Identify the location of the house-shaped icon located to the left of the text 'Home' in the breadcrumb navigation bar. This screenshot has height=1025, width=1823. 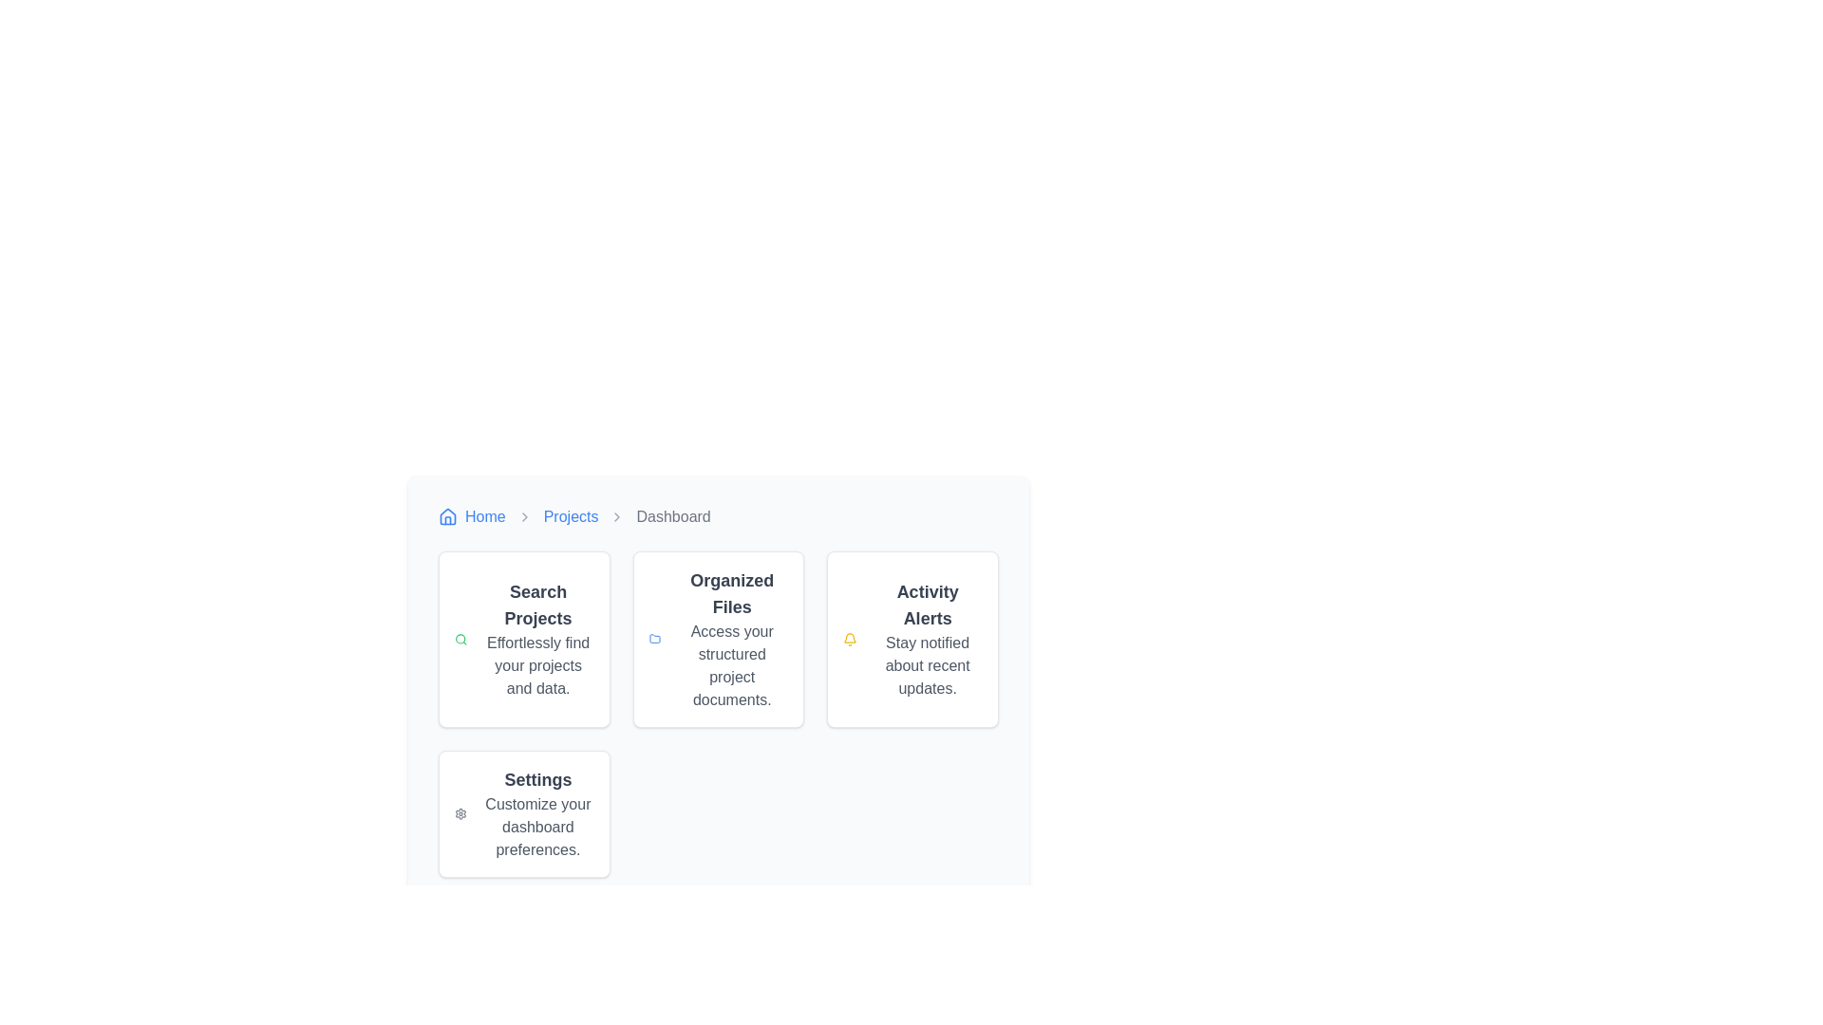
(446, 516).